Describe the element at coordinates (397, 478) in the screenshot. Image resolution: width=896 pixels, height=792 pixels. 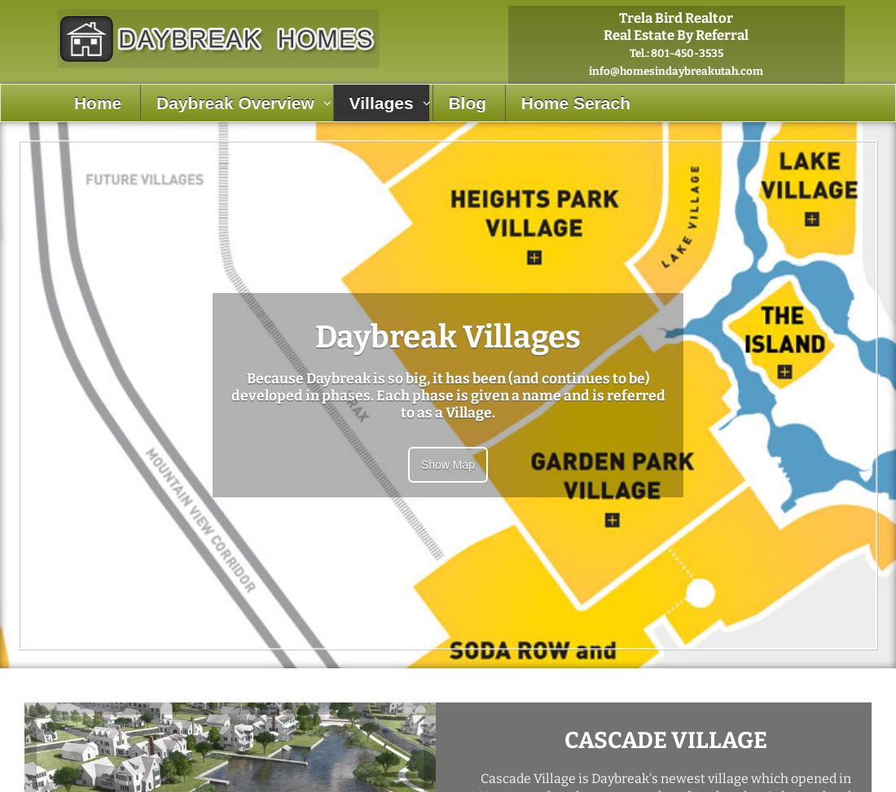
I see `'North Station Village'` at that location.